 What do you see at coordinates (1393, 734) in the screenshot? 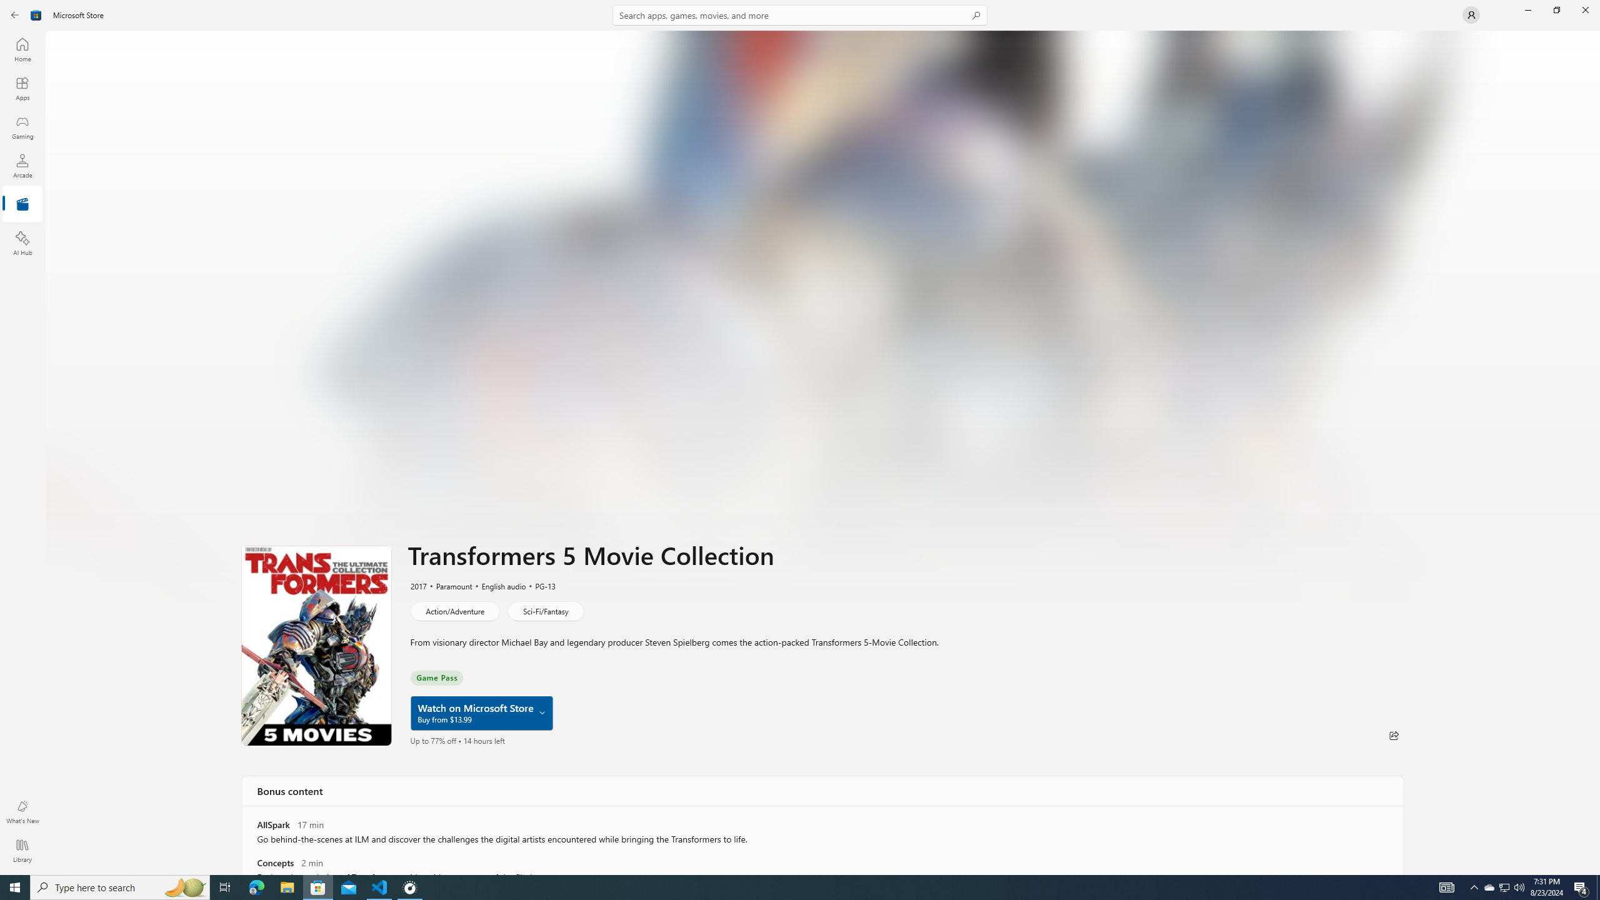
I see `'Share'` at bounding box center [1393, 734].